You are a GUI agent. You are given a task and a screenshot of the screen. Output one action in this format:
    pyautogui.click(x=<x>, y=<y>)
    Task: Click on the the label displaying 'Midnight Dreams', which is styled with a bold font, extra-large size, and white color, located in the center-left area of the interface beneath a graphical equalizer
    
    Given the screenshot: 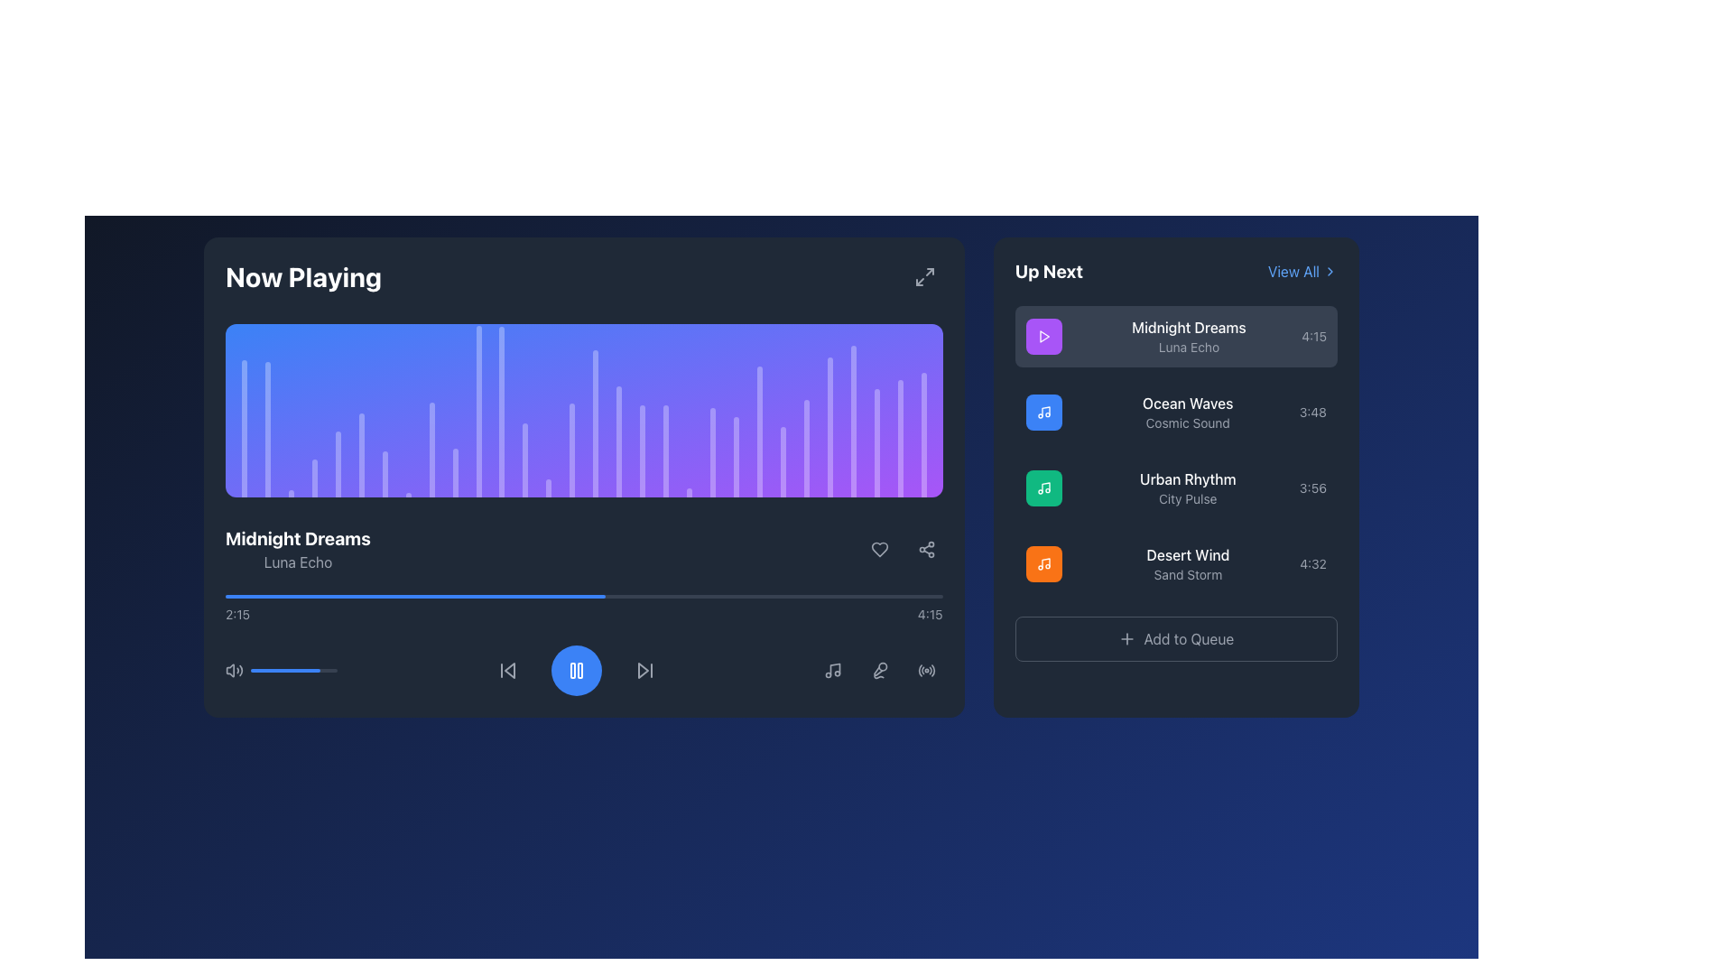 What is the action you would take?
    pyautogui.click(x=298, y=538)
    